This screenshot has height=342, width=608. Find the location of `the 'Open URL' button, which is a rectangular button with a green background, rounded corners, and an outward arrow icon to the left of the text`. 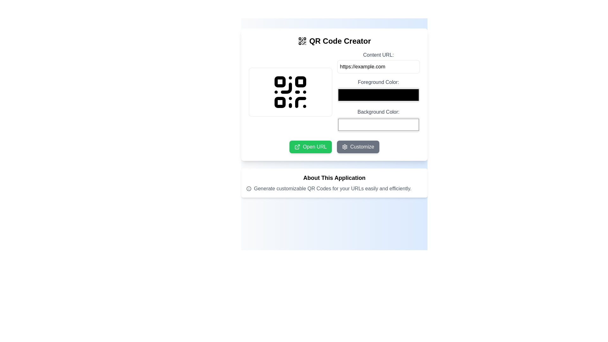

the 'Open URL' button, which is a rectangular button with a green background, rounded corners, and an outward arrow icon to the left of the text is located at coordinates (311, 147).